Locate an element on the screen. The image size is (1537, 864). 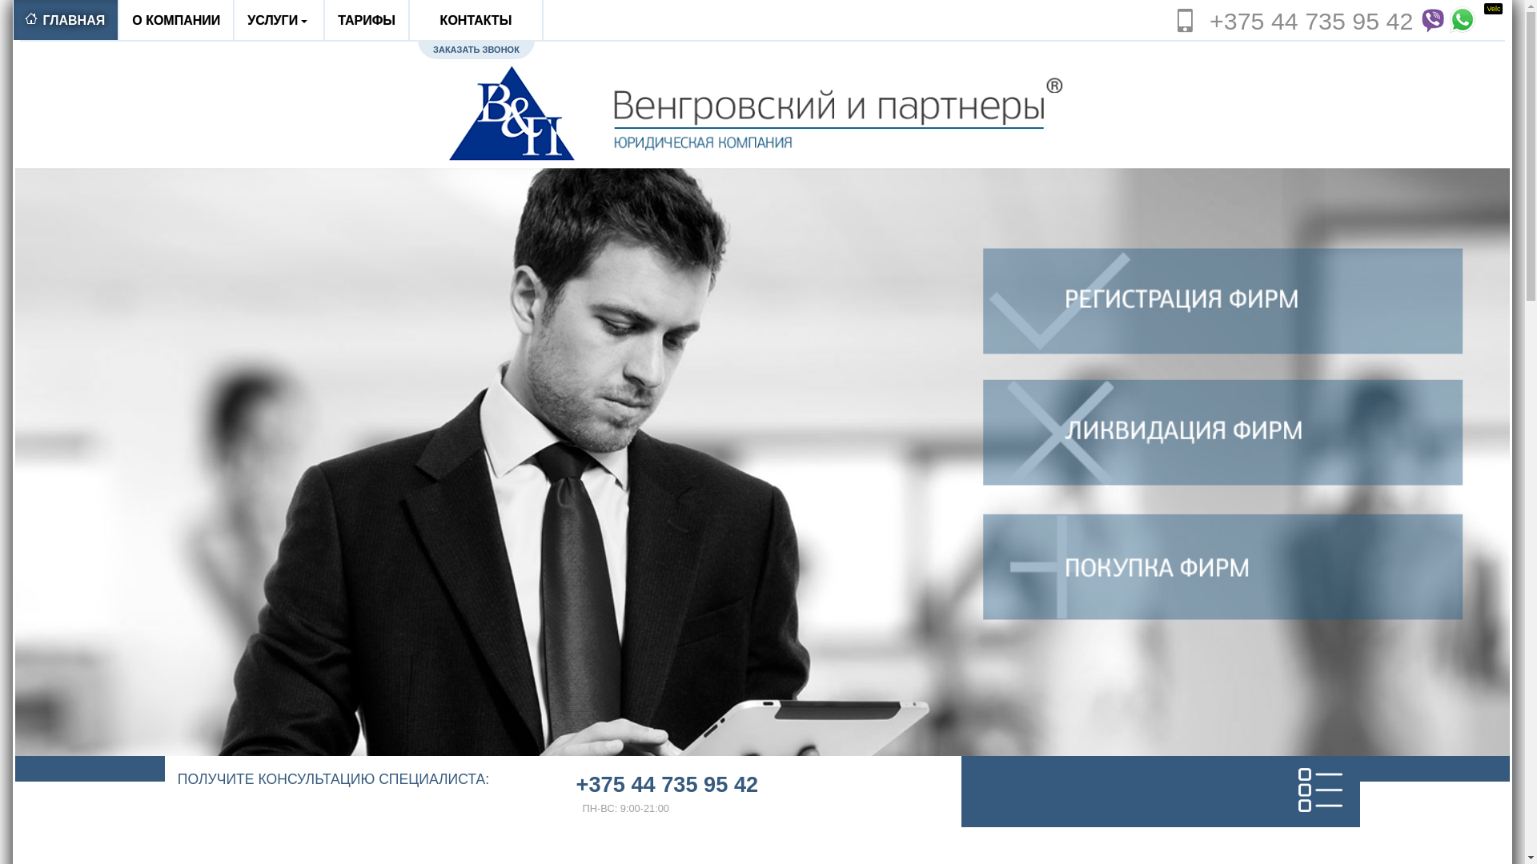
'Viber' is located at coordinates (1433, 19).